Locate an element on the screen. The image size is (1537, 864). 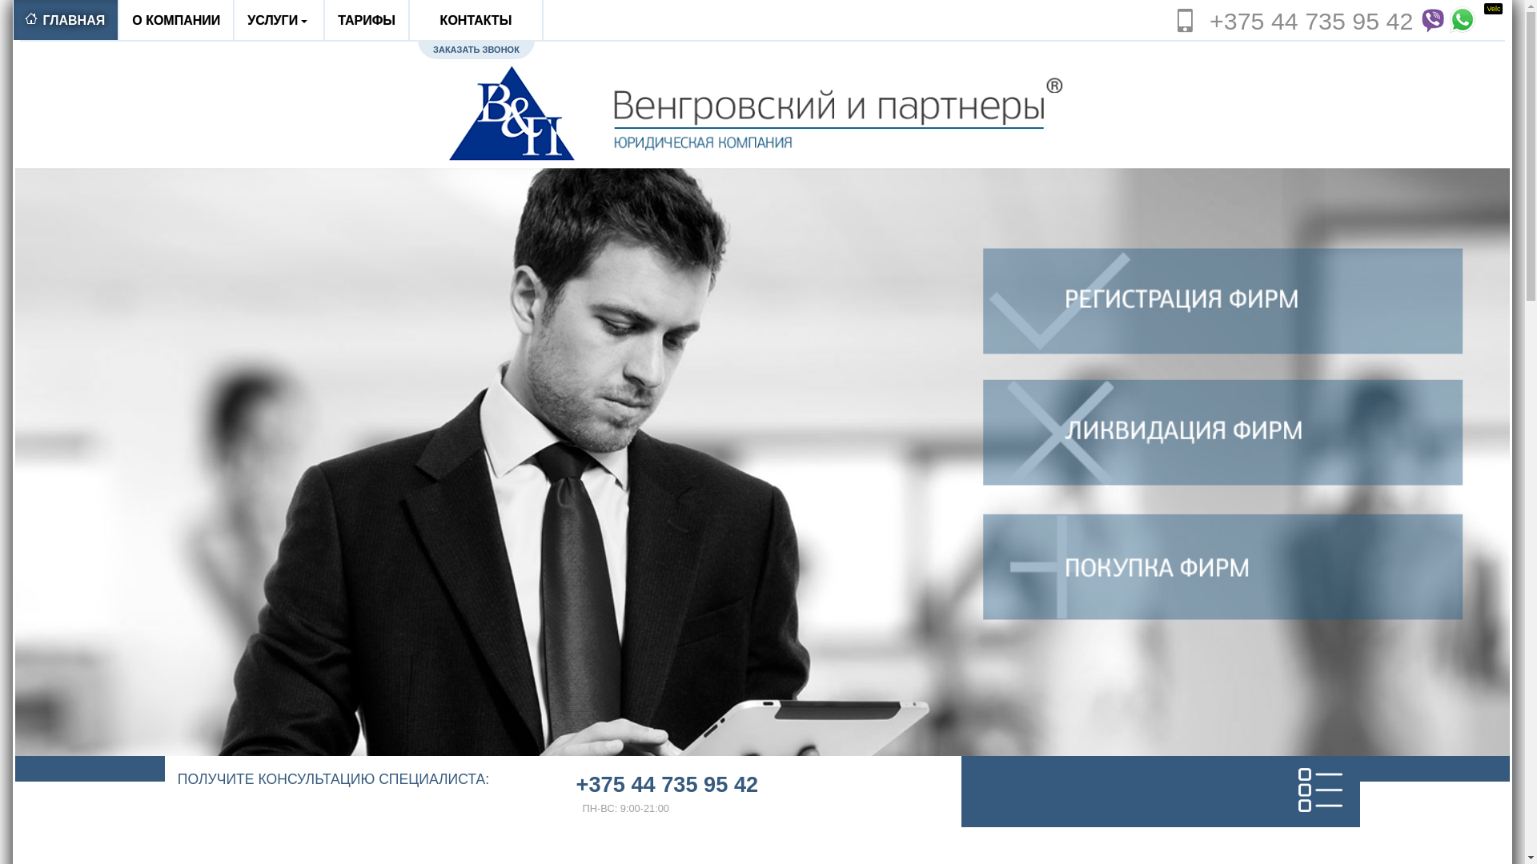
'Viber' is located at coordinates (1433, 19).